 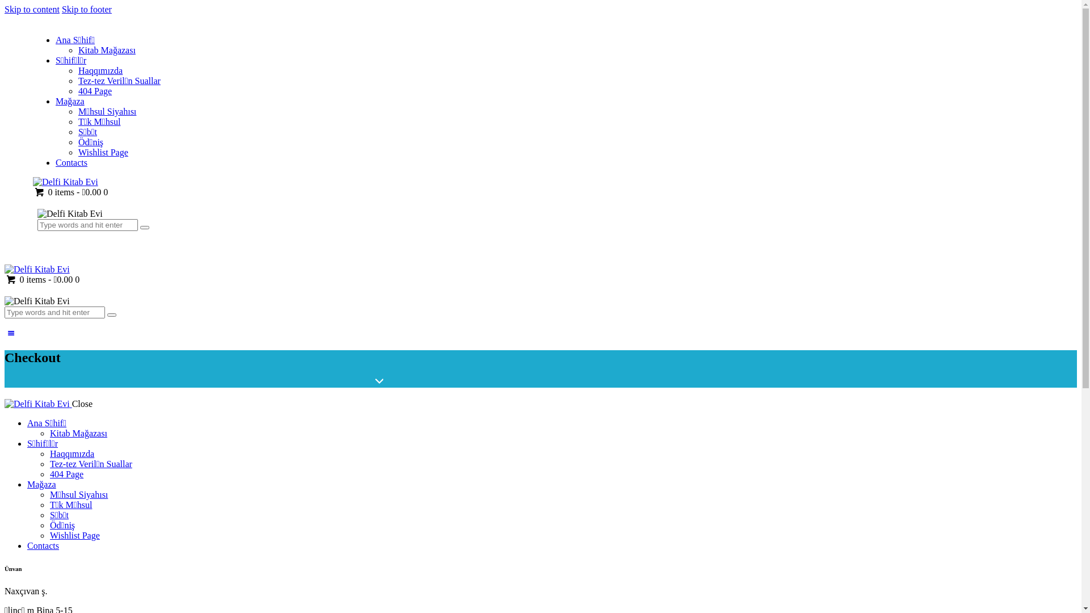 I want to click on 'Skip to footer', so click(x=86, y=9).